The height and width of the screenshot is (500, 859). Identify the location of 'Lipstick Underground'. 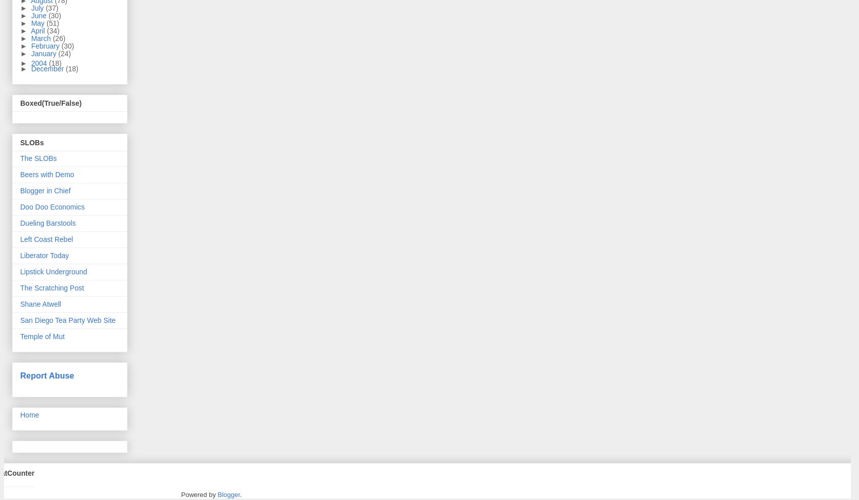
(53, 270).